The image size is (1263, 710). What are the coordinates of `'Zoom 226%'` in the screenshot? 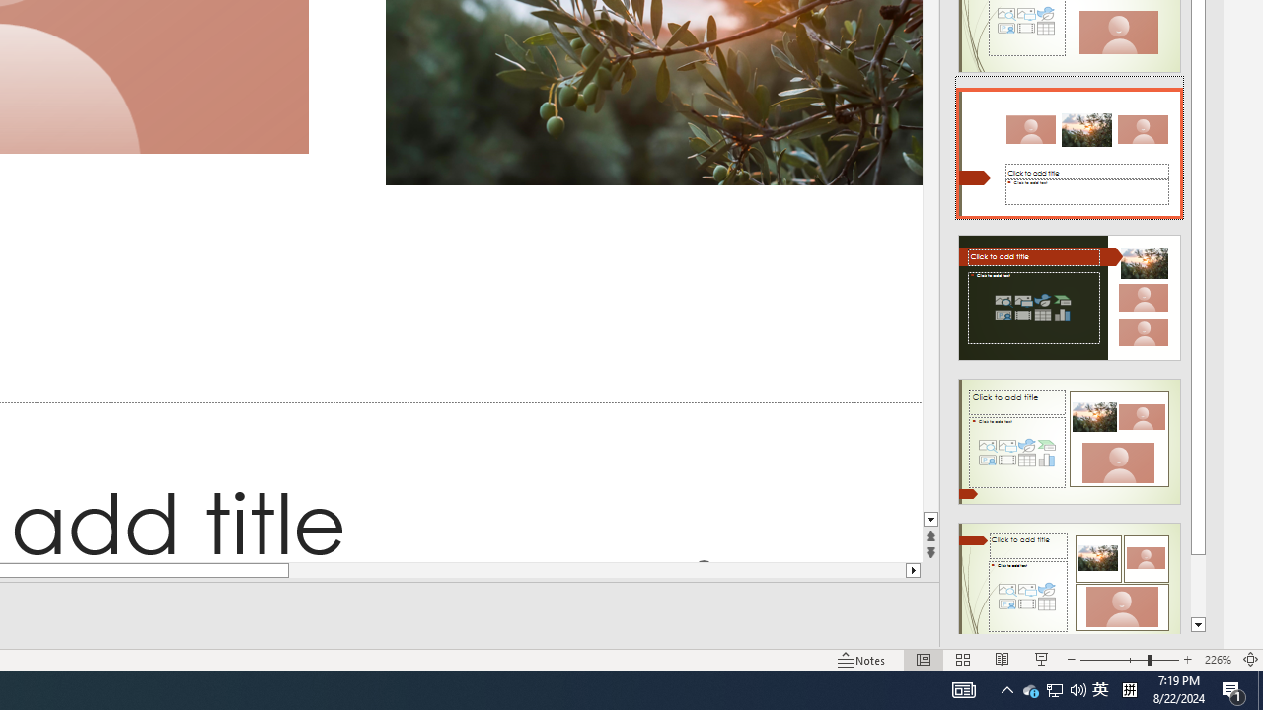 It's located at (1217, 660).